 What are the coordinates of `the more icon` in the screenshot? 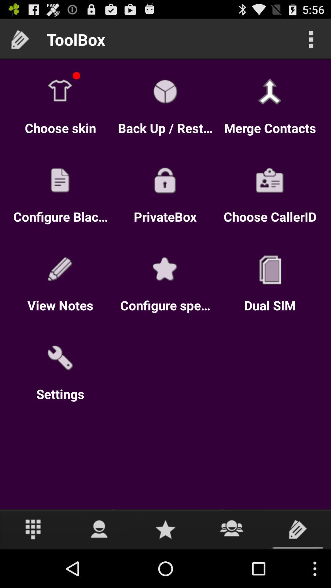 It's located at (311, 42).